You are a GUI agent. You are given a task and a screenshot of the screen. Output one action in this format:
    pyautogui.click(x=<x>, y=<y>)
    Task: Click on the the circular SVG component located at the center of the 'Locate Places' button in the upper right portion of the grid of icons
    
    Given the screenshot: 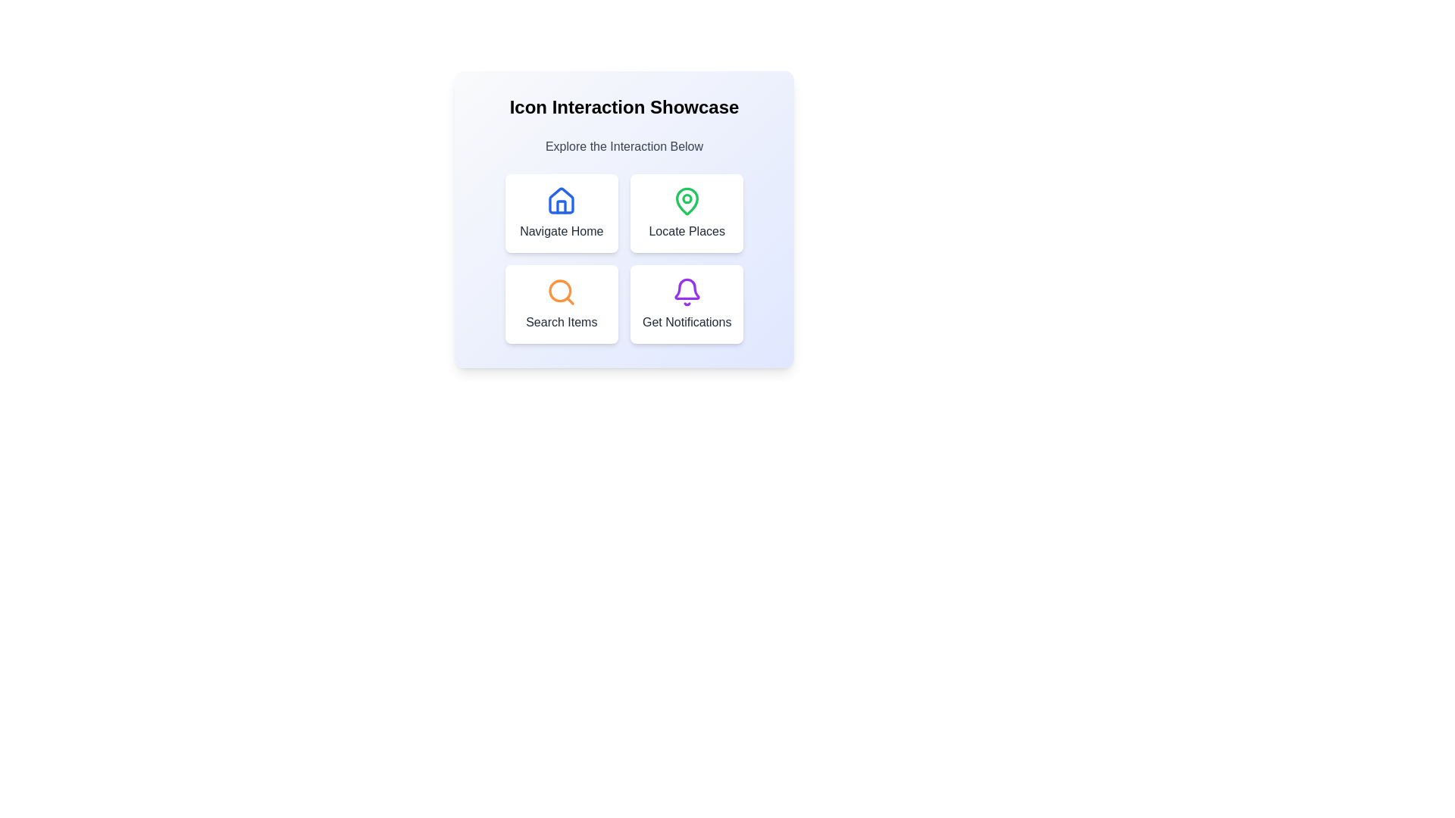 What is the action you would take?
    pyautogui.click(x=686, y=198)
    